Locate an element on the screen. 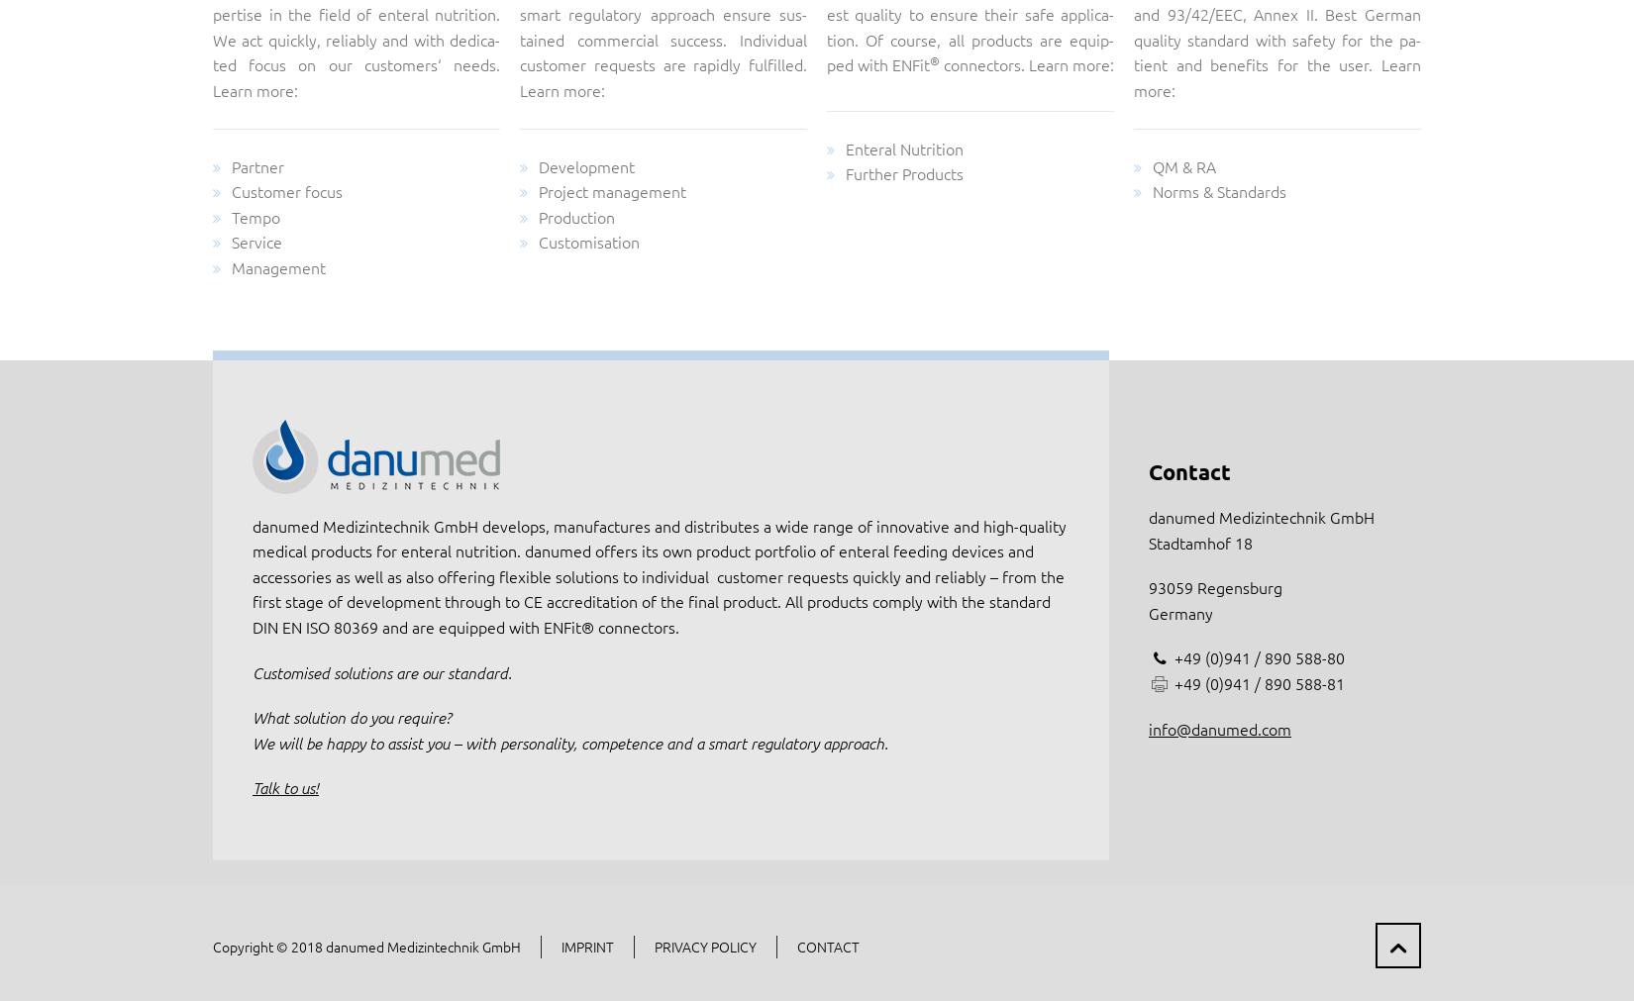 The image size is (1634, 1001). 'Tempo' is located at coordinates (231, 215).